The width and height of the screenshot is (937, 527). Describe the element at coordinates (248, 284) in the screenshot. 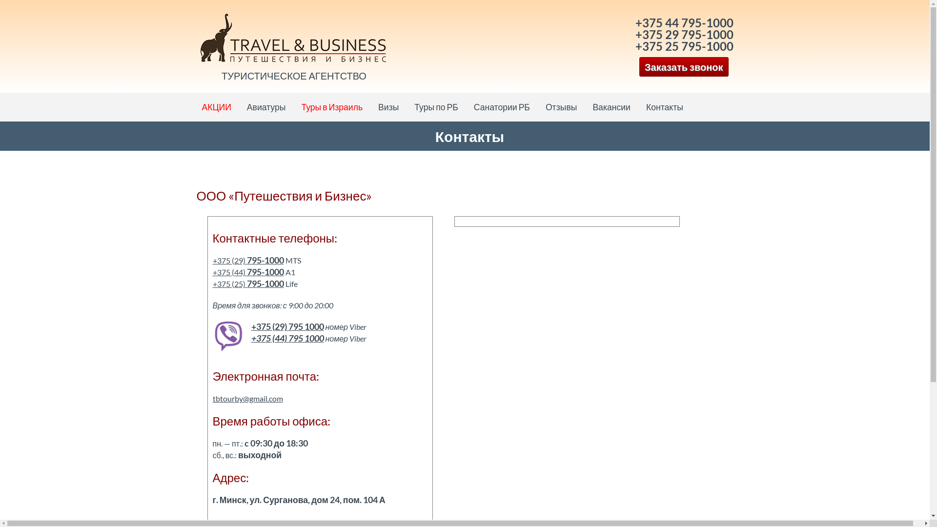

I see `'+375 (25) 795-1000'` at that location.